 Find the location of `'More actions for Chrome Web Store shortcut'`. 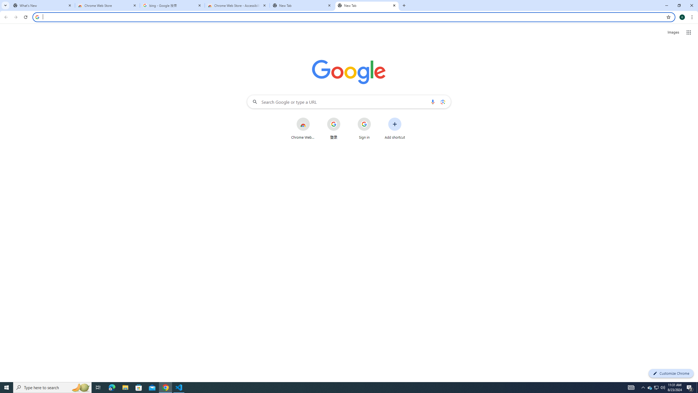

'More actions for Chrome Web Store shortcut' is located at coordinates (314, 118).